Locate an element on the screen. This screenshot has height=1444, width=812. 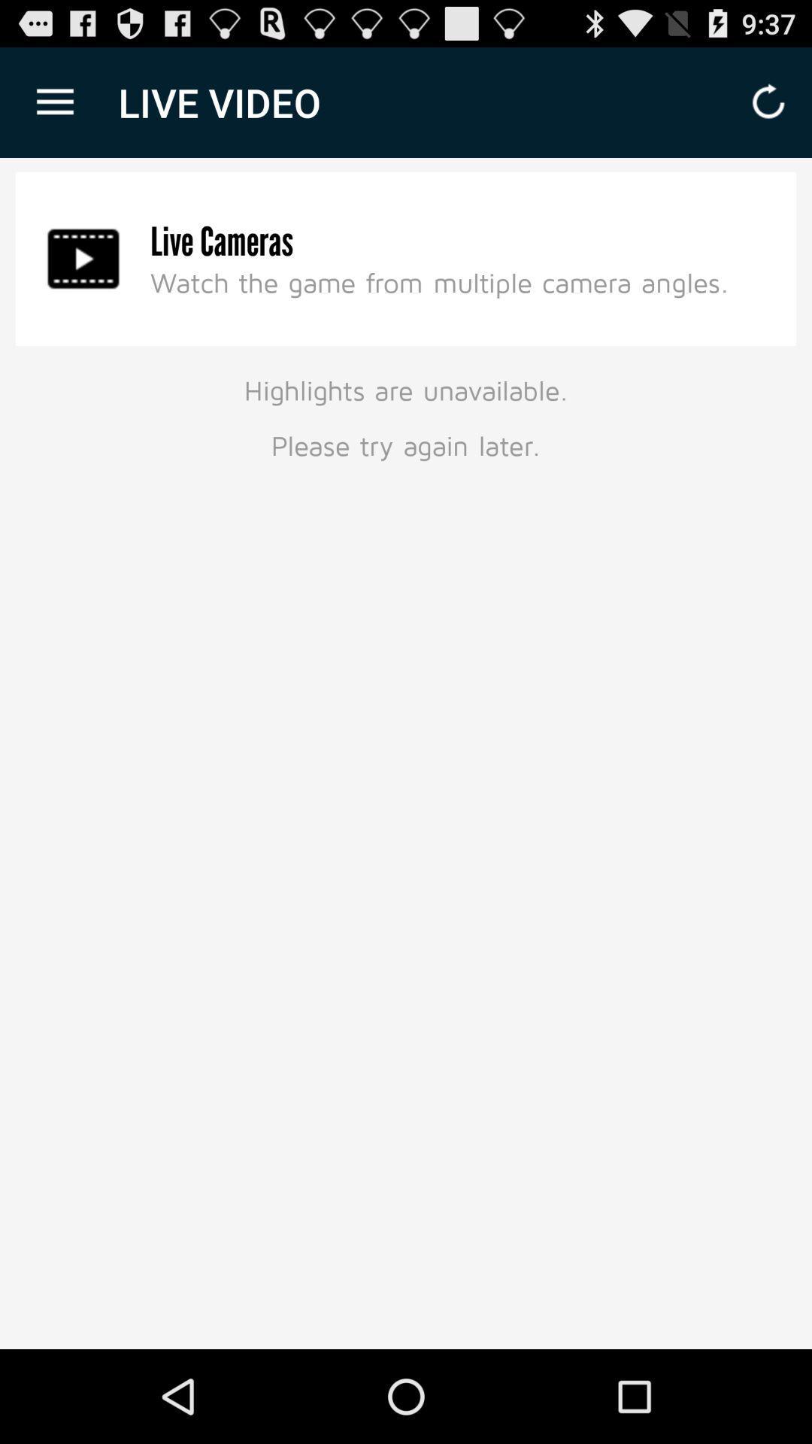
the icon next to the live cameras is located at coordinates (83, 259).